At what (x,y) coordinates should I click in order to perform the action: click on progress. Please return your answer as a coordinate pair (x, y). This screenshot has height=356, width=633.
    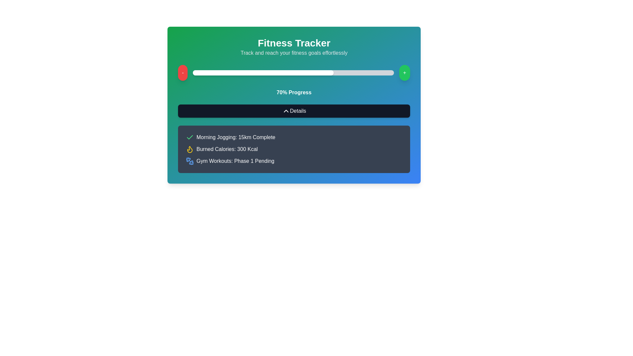
    Looking at the image, I should click on (301, 73).